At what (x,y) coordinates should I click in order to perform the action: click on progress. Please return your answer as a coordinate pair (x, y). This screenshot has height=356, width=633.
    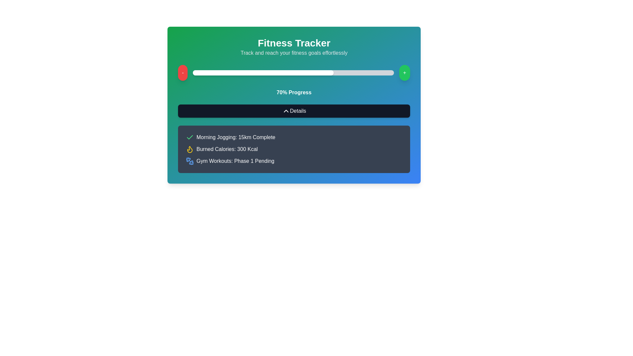
    Looking at the image, I should click on (301, 73).